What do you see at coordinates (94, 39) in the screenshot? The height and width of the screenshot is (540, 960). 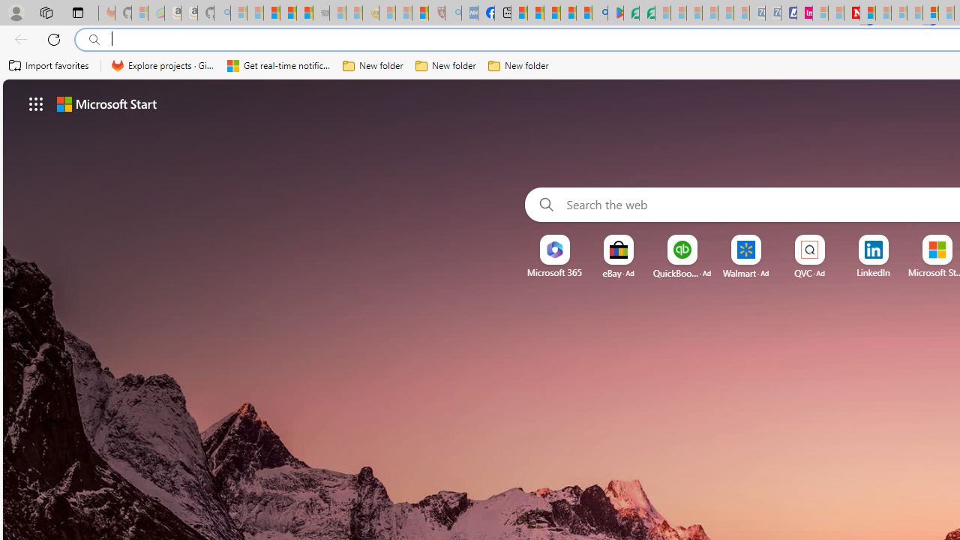 I see `'Search icon'` at bounding box center [94, 39].